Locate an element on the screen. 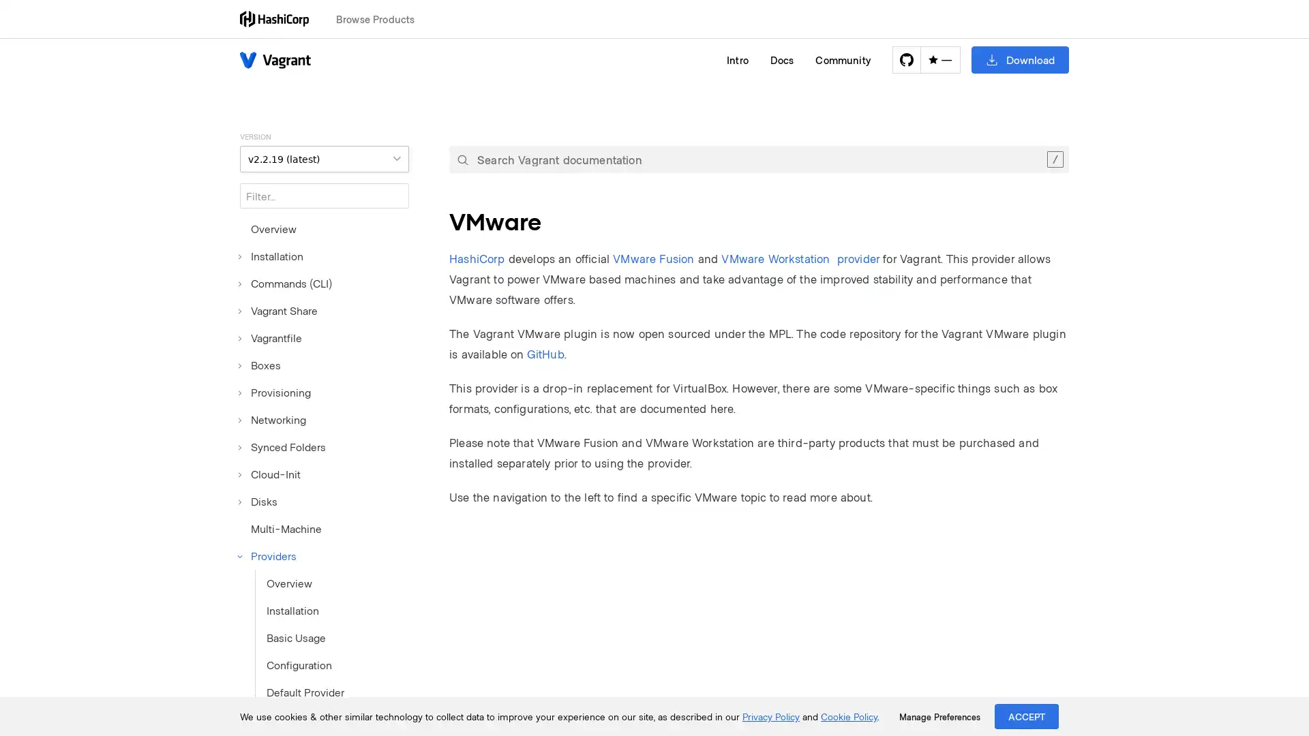  Disks is located at coordinates (258, 502).